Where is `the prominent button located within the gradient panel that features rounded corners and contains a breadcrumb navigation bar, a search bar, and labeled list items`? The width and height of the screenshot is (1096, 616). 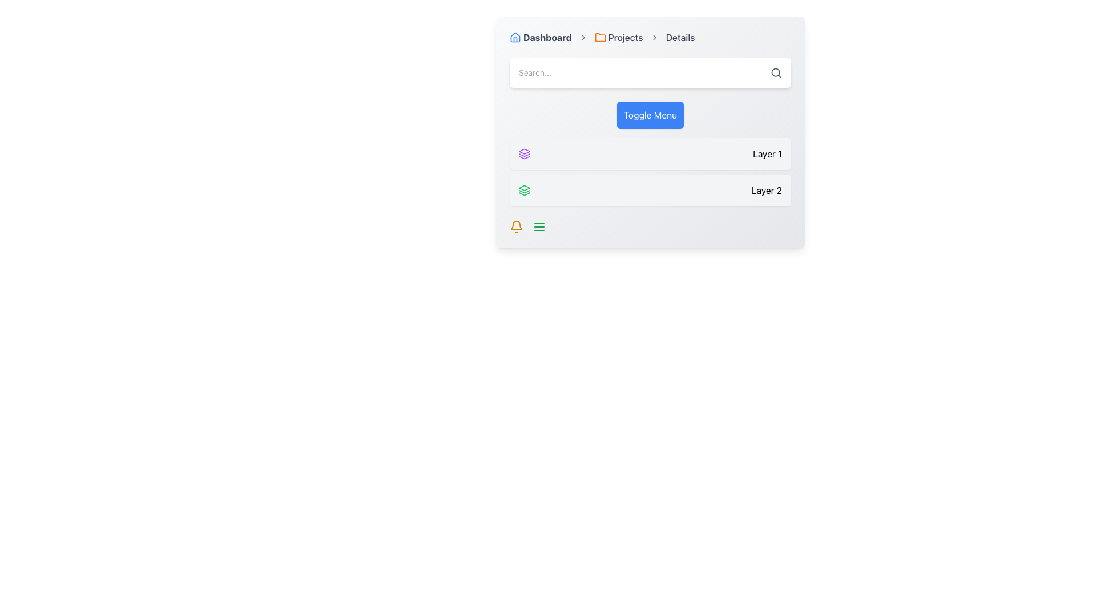 the prominent button located within the gradient panel that features rounded corners and contains a breadcrumb navigation bar, a search bar, and labeled list items is located at coordinates (650, 131).